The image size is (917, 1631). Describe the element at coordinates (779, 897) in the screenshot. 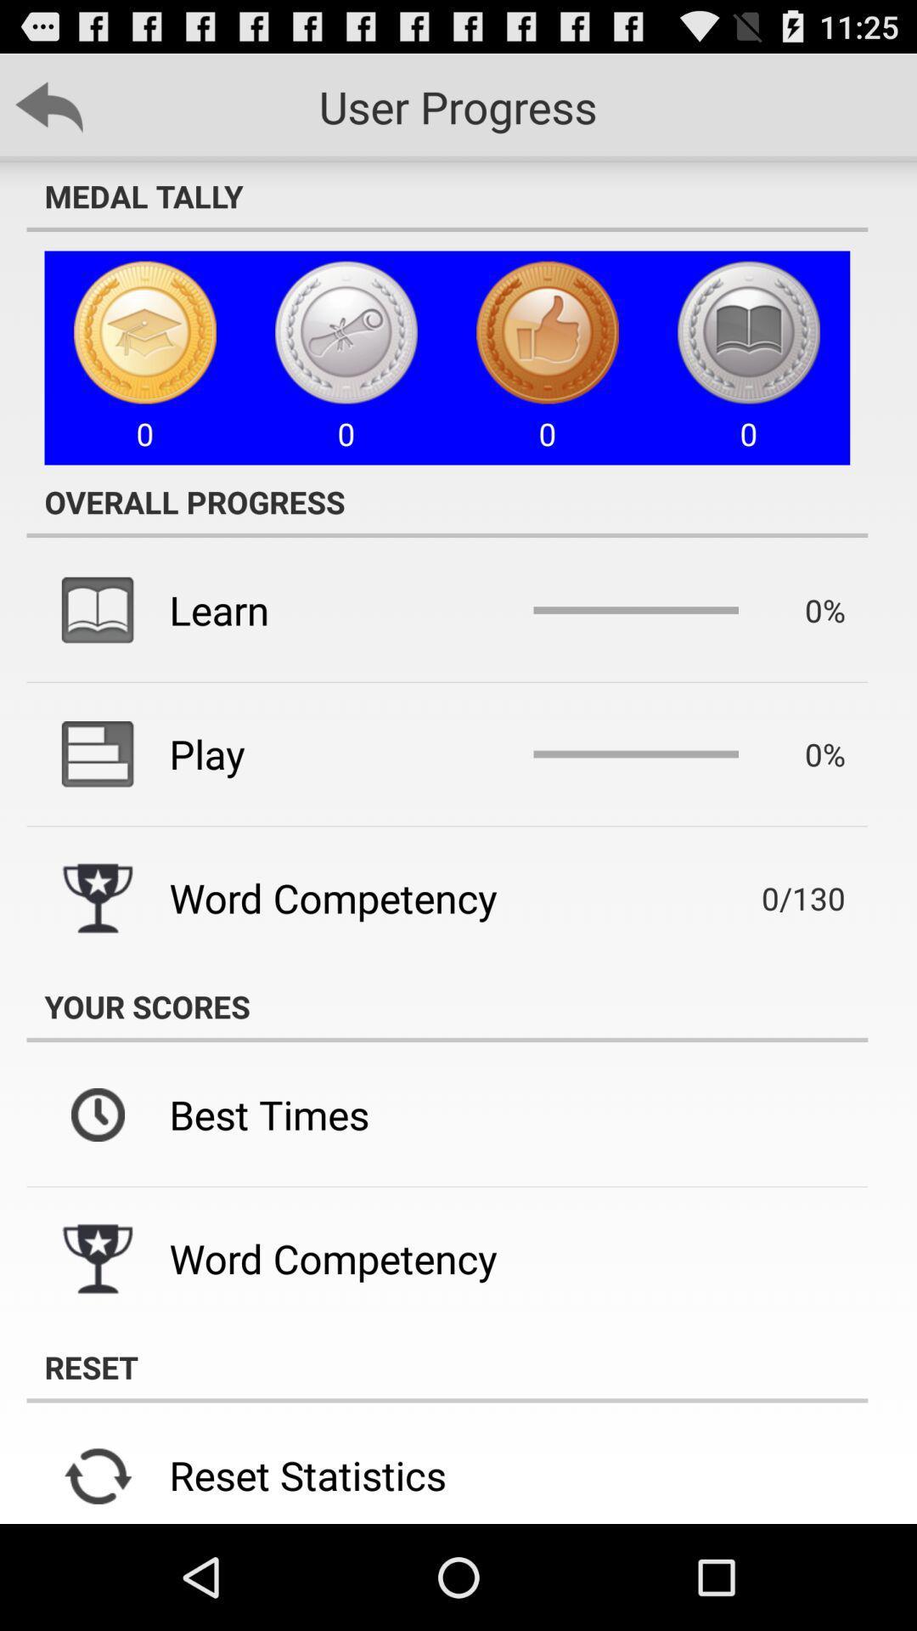

I see `the item below the 0% item` at that location.